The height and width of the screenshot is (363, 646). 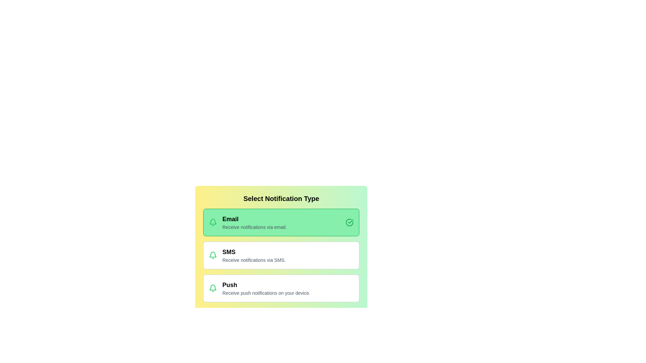 What do you see at coordinates (281, 288) in the screenshot?
I see `the 'Push' notifications button, which is the third option in a vertical list of notification preferences located below 'Email' and 'SMS'` at bounding box center [281, 288].